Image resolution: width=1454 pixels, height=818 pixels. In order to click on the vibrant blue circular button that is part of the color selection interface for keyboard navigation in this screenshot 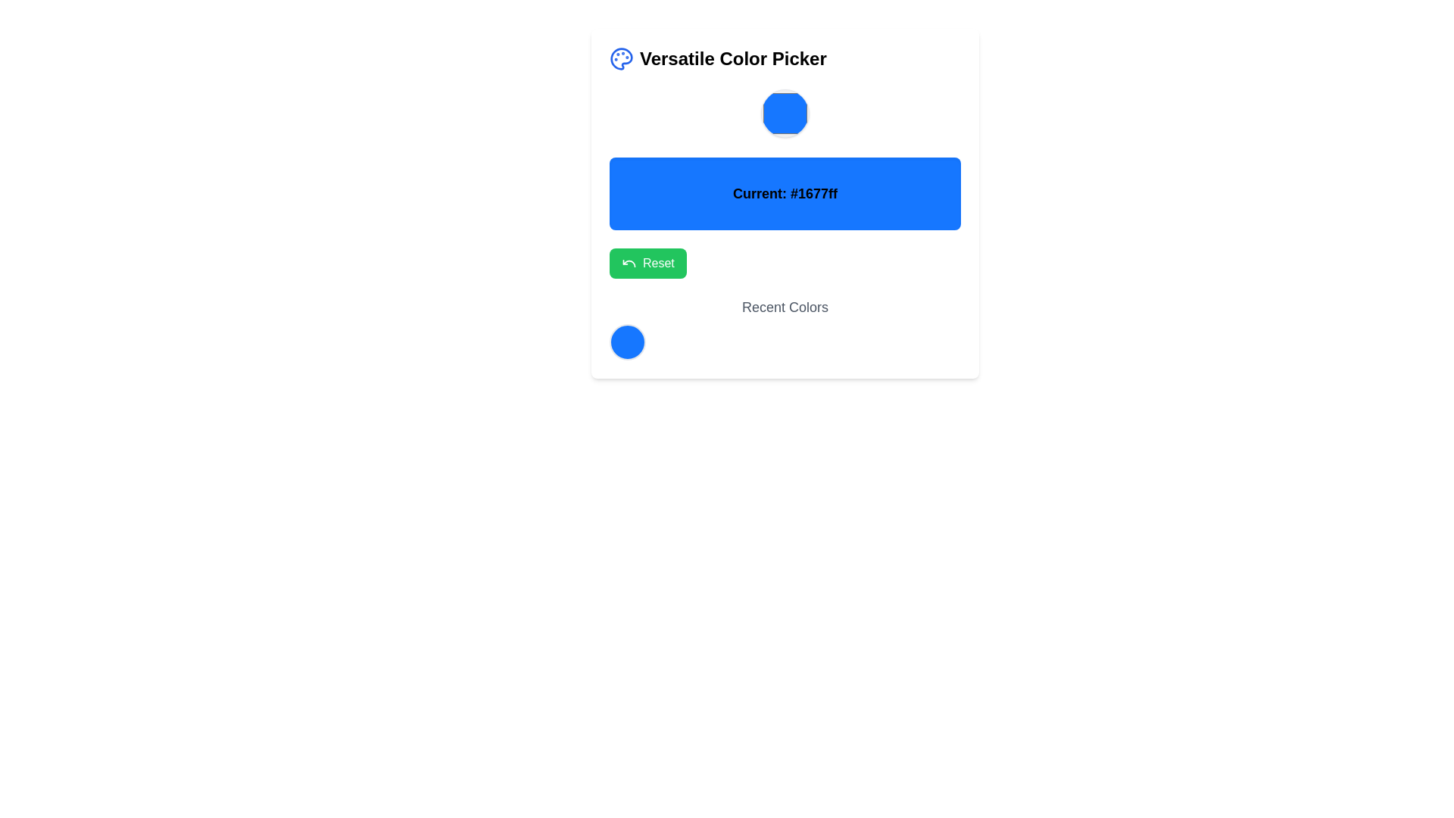, I will do `click(628, 342)`.